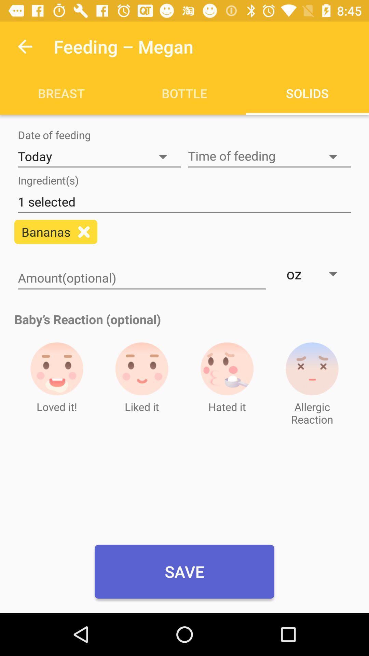 Image resolution: width=369 pixels, height=656 pixels. Describe the element at coordinates (269, 156) in the screenshot. I see `to set timing` at that location.